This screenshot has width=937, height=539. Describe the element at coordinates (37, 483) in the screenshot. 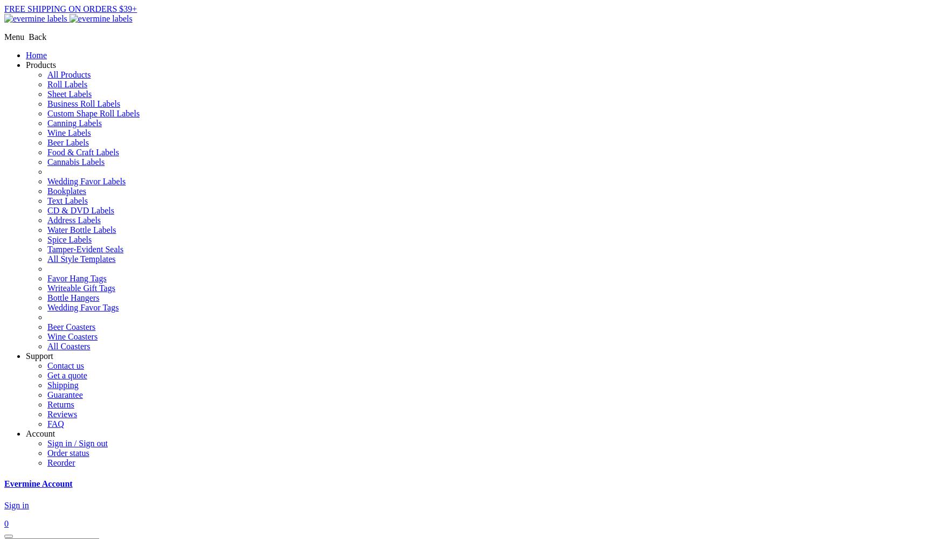

I see `'Evermine Account'` at that location.